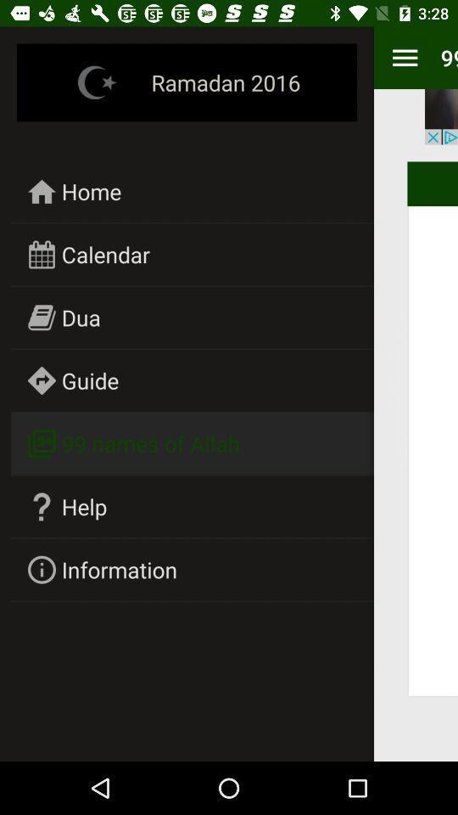 The height and width of the screenshot is (815, 458). Describe the element at coordinates (404, 58) in the screenshot. I see `menu option` at that location.